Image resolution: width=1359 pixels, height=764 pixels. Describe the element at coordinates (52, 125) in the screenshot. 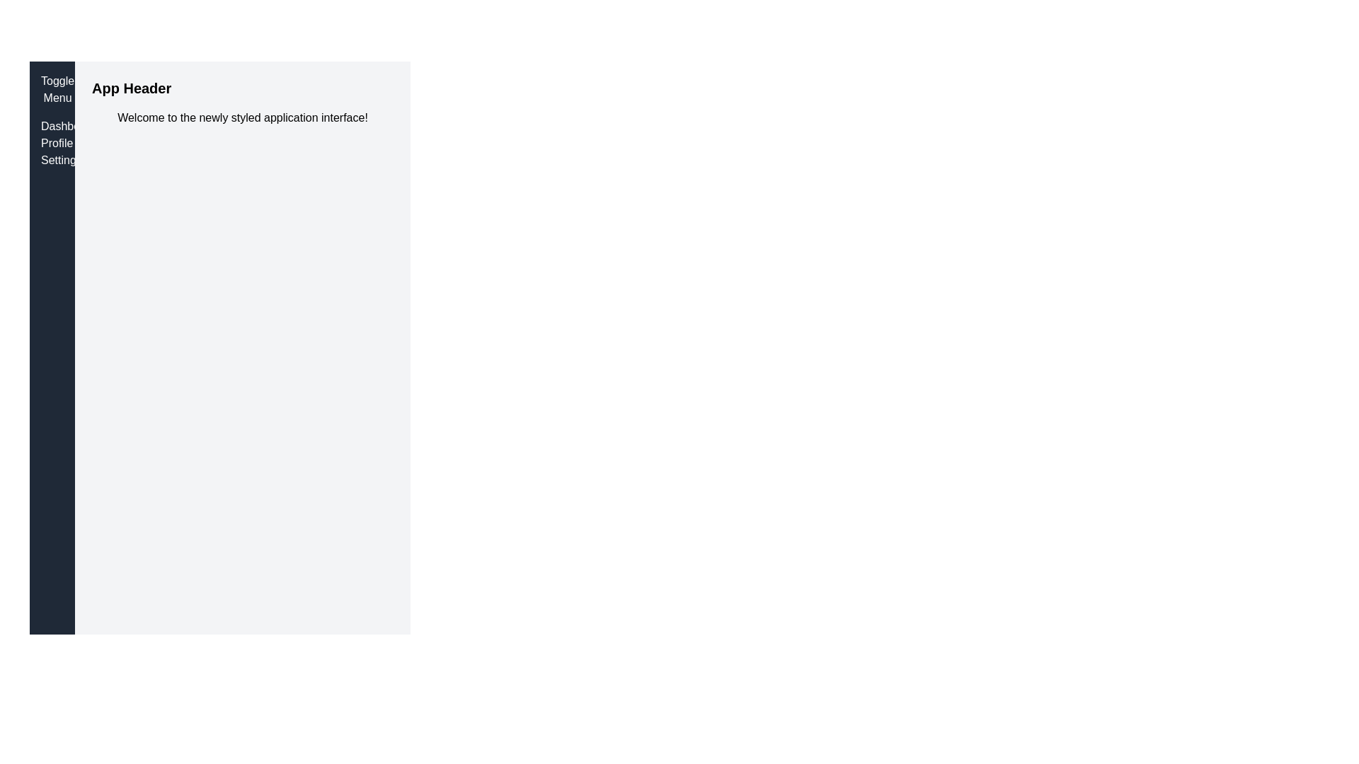

I see `the 'Dashboard' text label, which is the first item in a vertical sidebar list` at that location.